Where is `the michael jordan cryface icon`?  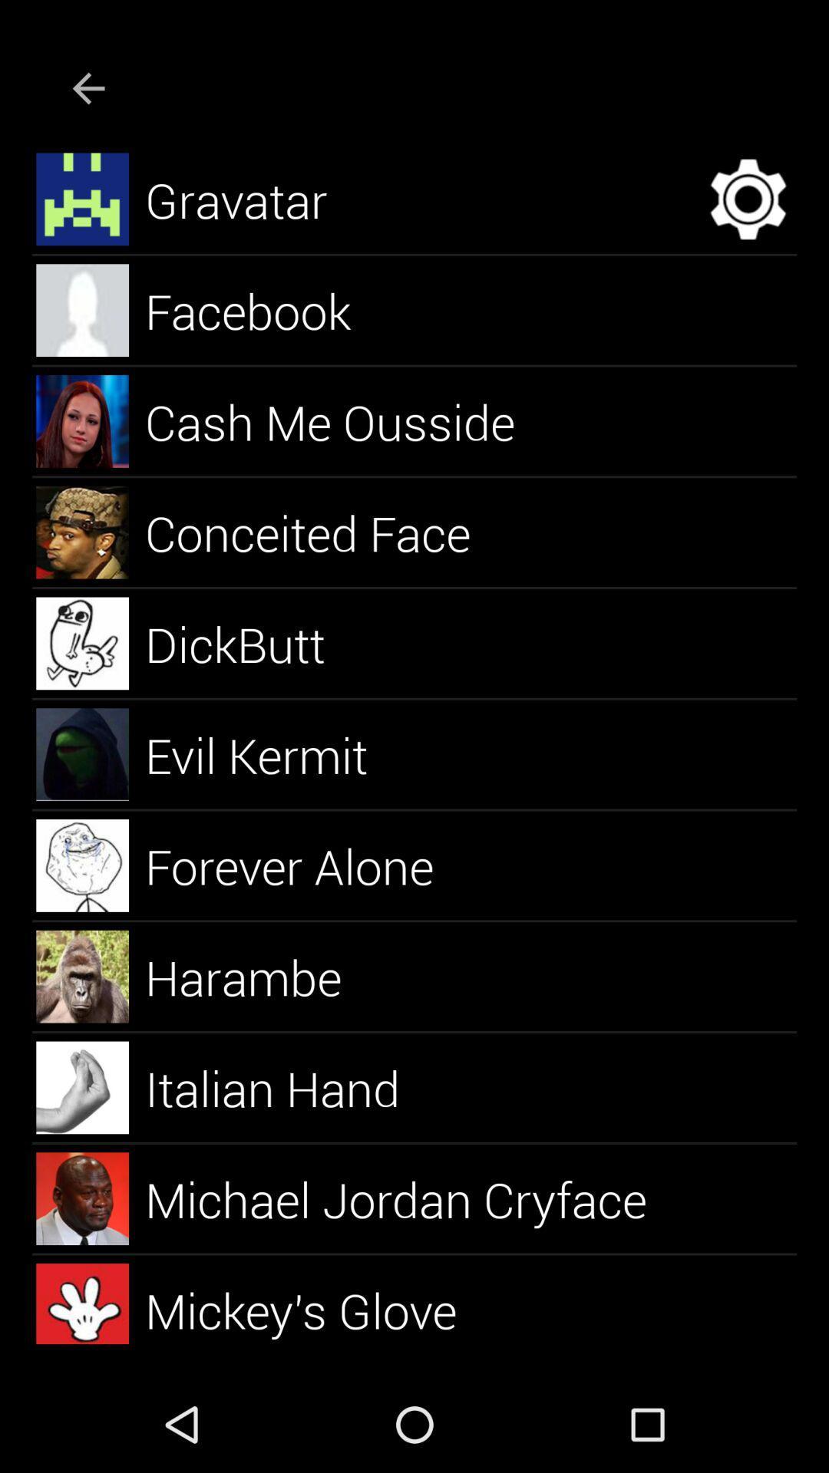 the michael jordan cryface icon is located at coordinates (413, 1198).